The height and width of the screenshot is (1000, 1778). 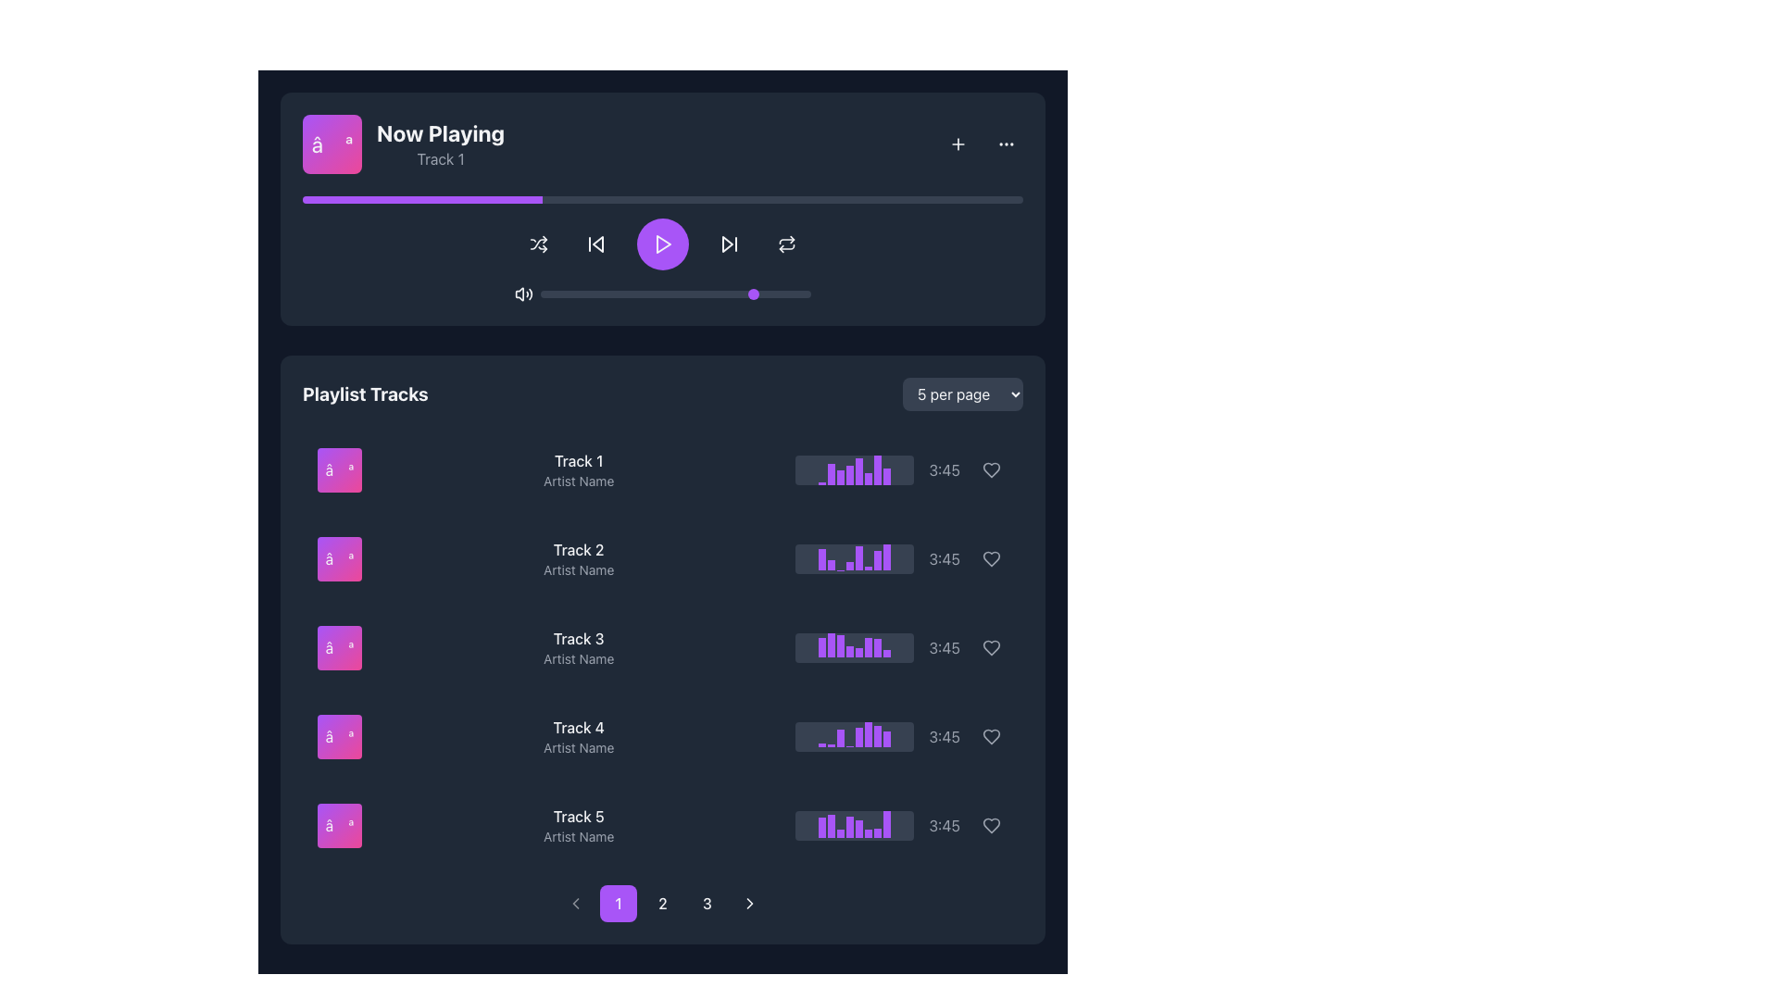 What do you see at coordinates (630, 293) in the screenshot?
I see `the slider` at bounding box center [630, 293].